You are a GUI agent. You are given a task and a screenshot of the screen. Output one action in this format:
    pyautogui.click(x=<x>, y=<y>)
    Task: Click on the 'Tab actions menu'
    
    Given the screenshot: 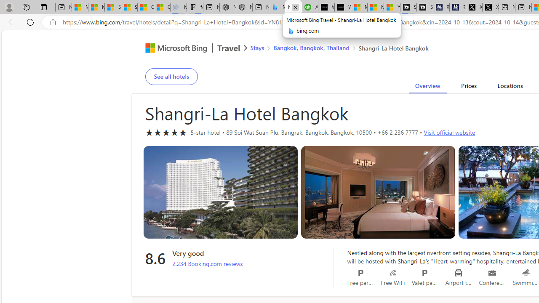 What is the action you would take?
    pyautogui.click(x=43, y=7)
    